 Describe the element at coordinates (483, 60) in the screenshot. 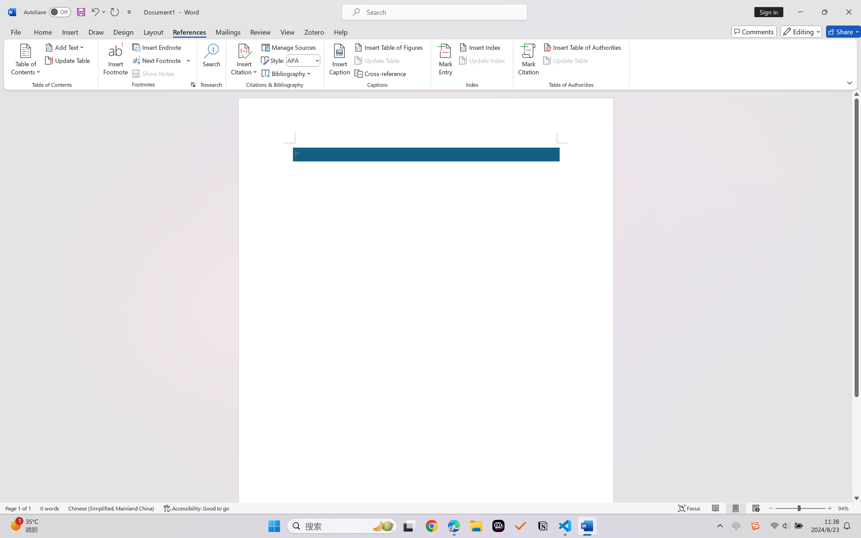

I see `'Update Index'` at that location.